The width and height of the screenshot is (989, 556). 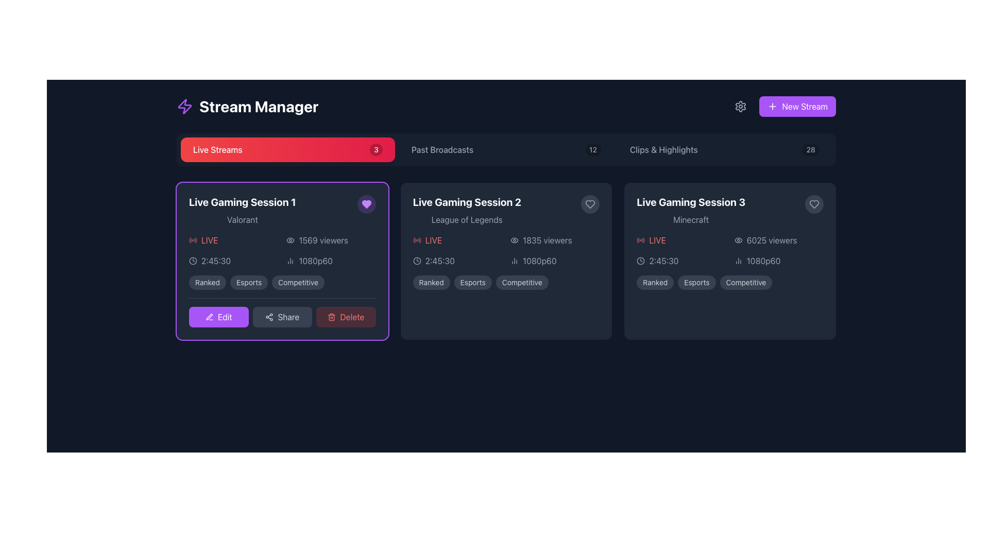 I want to click on the viewer count icon located to the left of the '1569 viewers' text in the 'Live Gaming Session 1' panel, so click(x=290, y=240).